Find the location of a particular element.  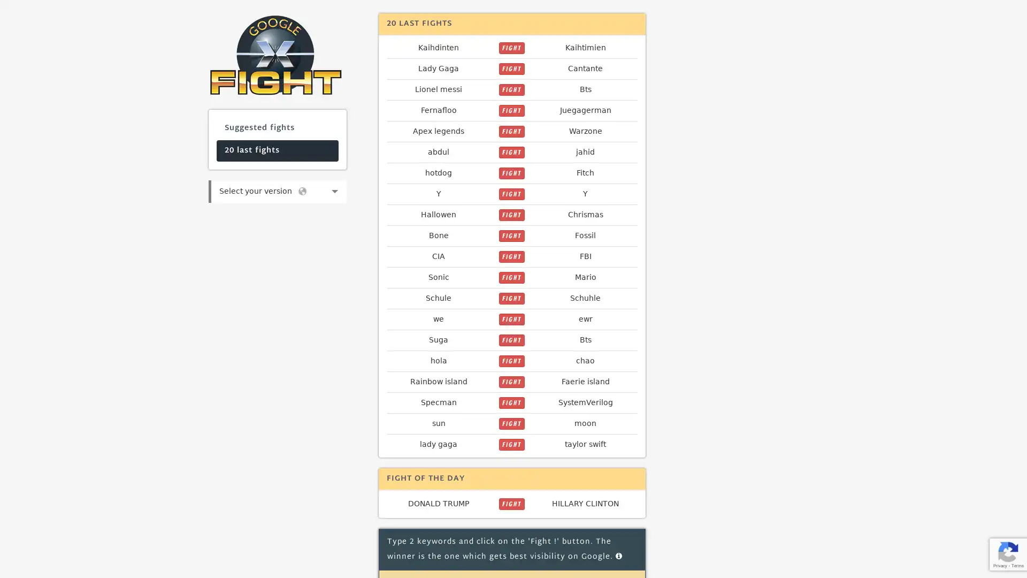

FIGHT is located at coordinates (511, 69).